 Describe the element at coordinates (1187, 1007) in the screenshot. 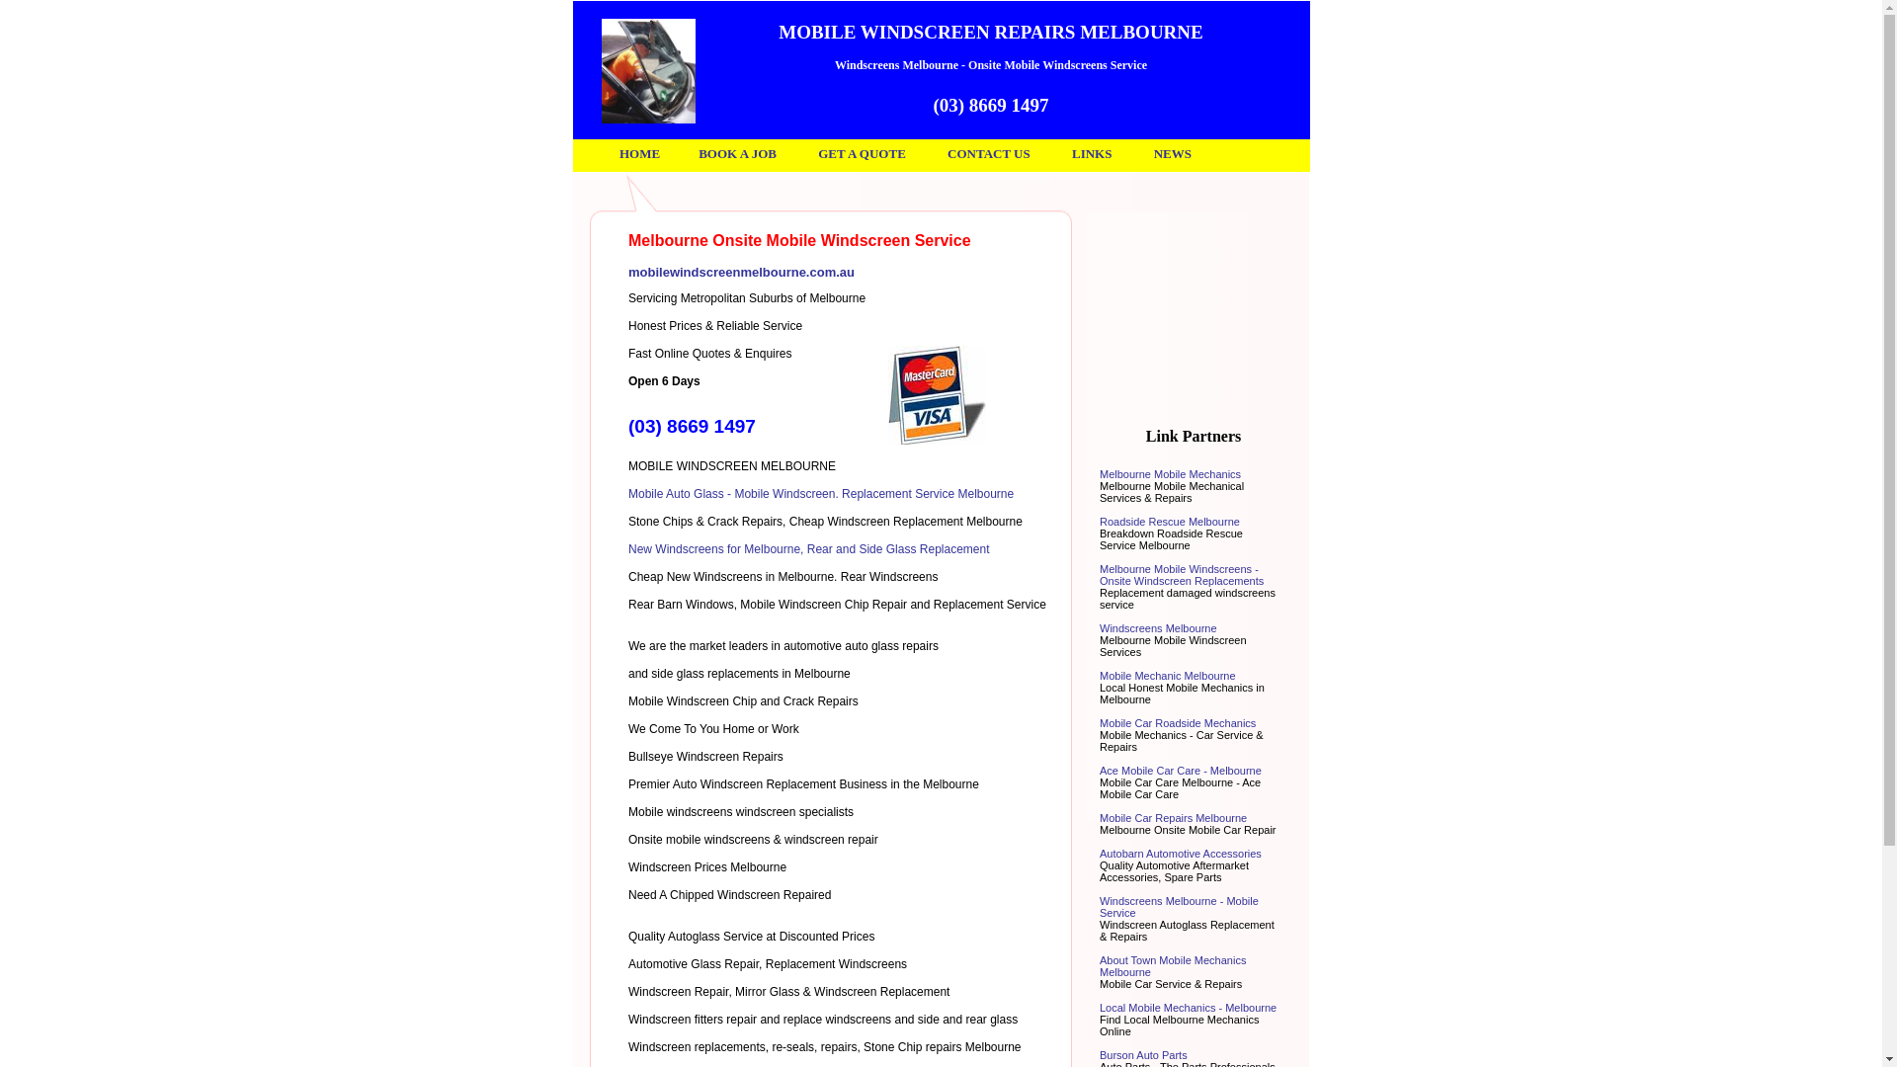

I see `'Local Mobile Mechanics - Melbourne'` at that location.